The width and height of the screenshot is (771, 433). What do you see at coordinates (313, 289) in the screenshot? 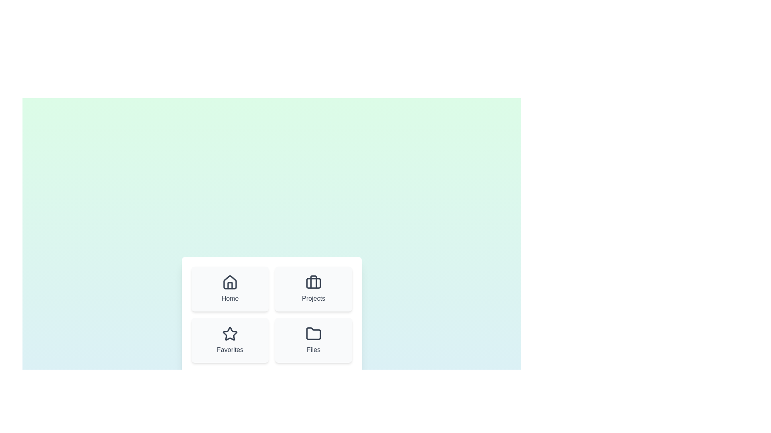
I see `the menu item labeled Projects to activate it` at bounding box center [313, 289].